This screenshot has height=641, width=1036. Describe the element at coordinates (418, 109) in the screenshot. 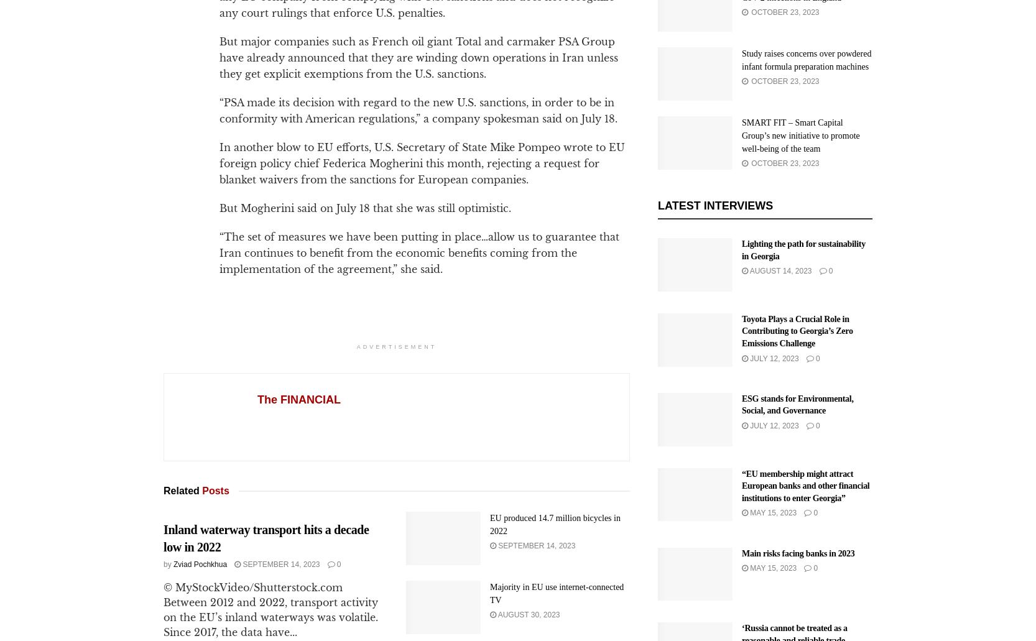

I see `'“PSA made its decision with regard to the new U.S. sanctions, in order to be in conformity with American regulations,” a company spokesman said on July 18.'` at that location.